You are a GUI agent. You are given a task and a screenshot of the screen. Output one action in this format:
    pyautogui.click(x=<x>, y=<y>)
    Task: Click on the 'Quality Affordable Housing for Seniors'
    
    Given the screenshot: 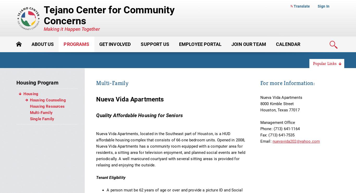 What is the action you would take?
    pyautogui.click(x=139, y=115)
    